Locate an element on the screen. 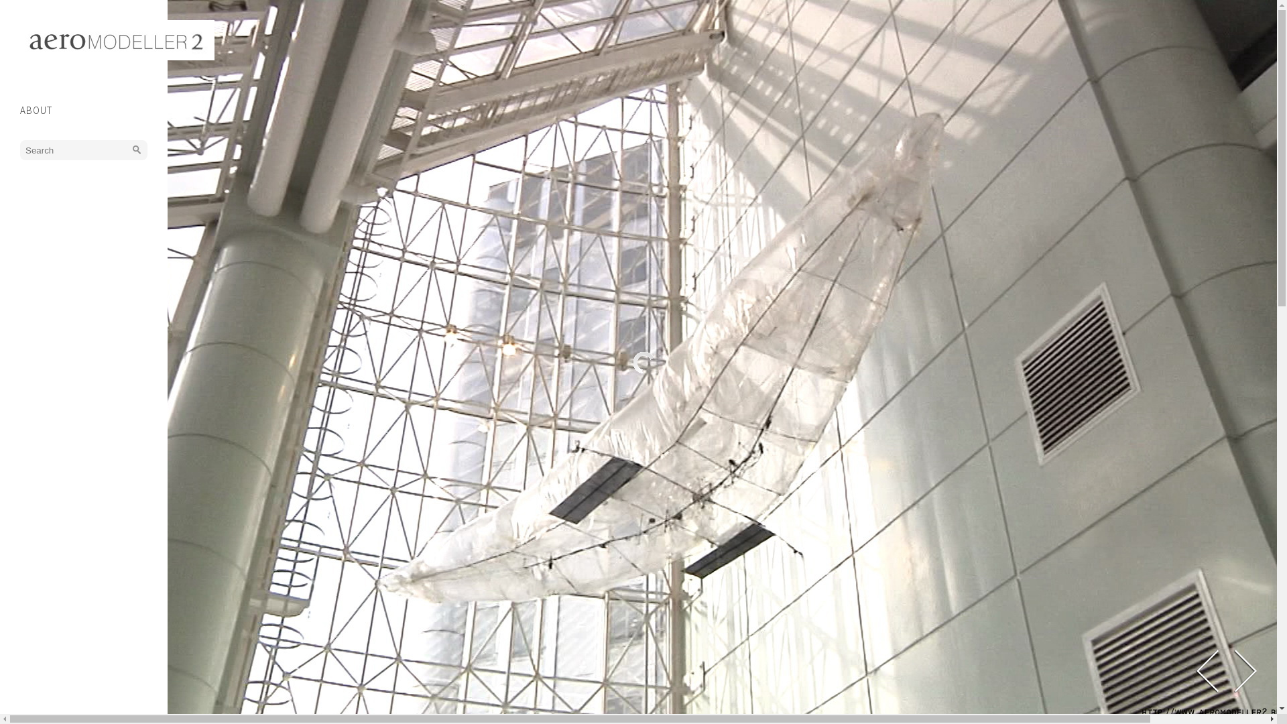 The height and width of the screenshot is (724, 1287). 'ABOUT' is located at coordinates (36, 109).